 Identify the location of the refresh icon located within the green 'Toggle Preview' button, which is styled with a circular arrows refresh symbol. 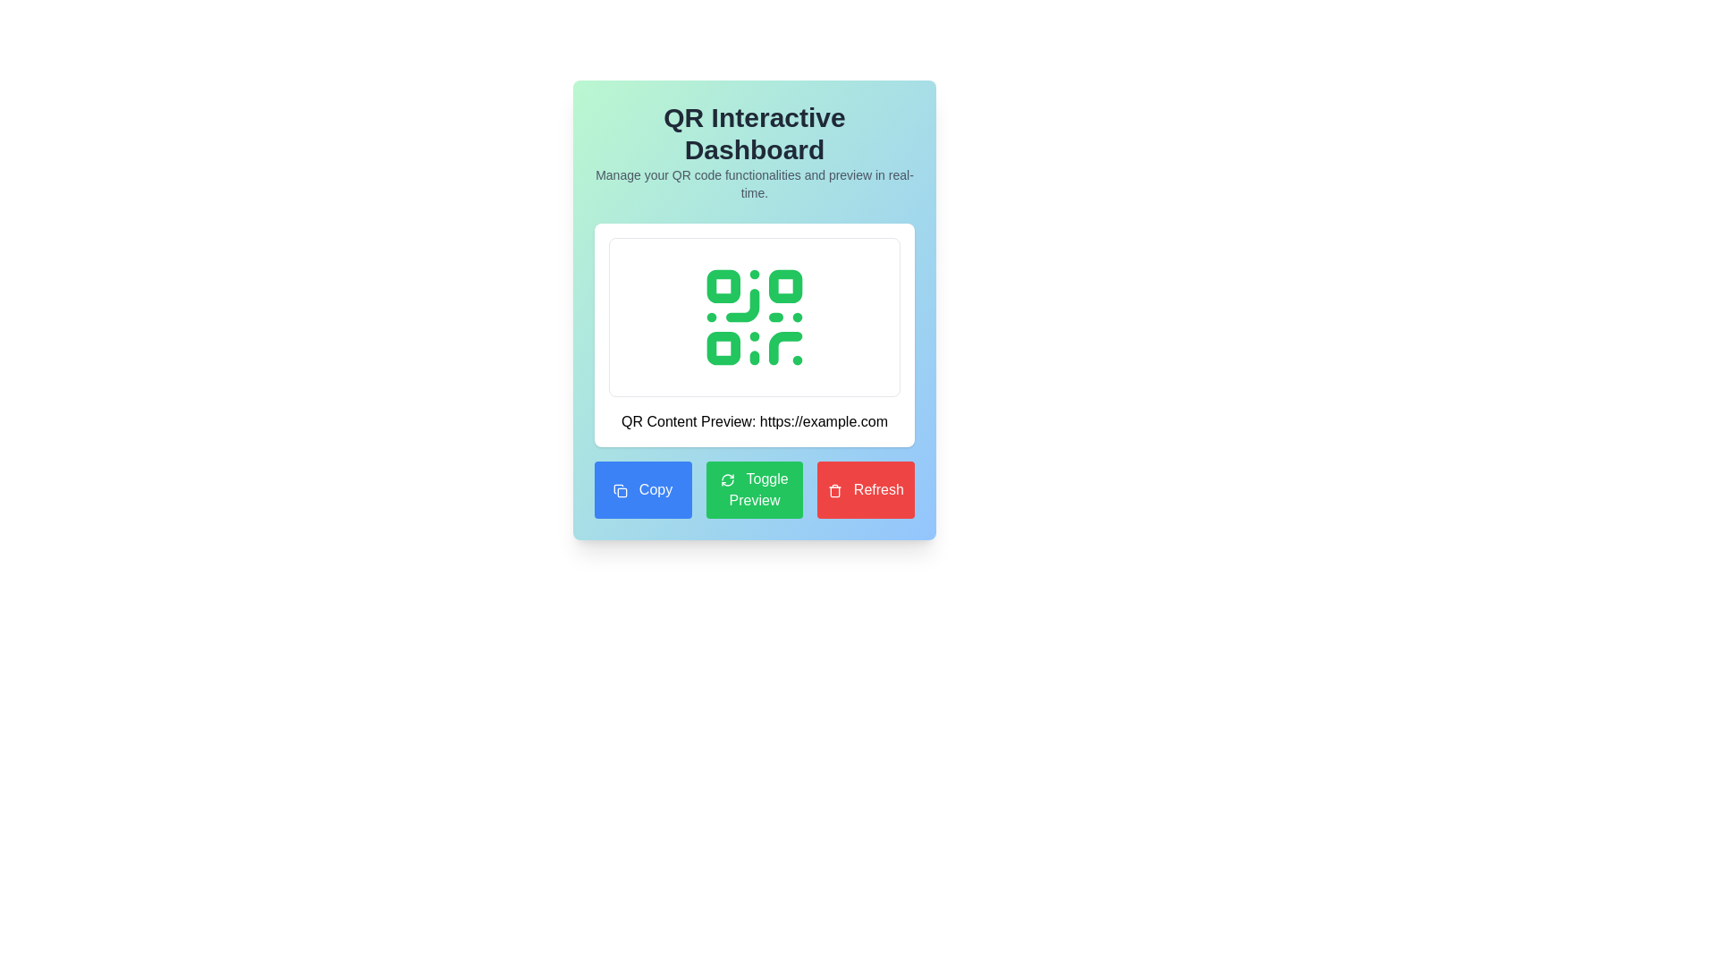
(728, 479).